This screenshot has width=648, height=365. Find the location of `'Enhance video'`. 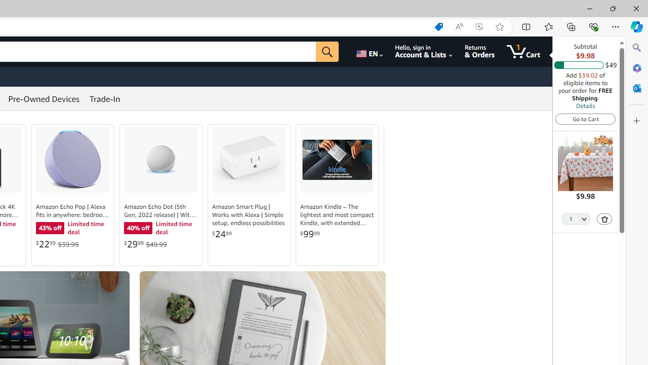

'Enhance video' is located at coordinates (478, 26).